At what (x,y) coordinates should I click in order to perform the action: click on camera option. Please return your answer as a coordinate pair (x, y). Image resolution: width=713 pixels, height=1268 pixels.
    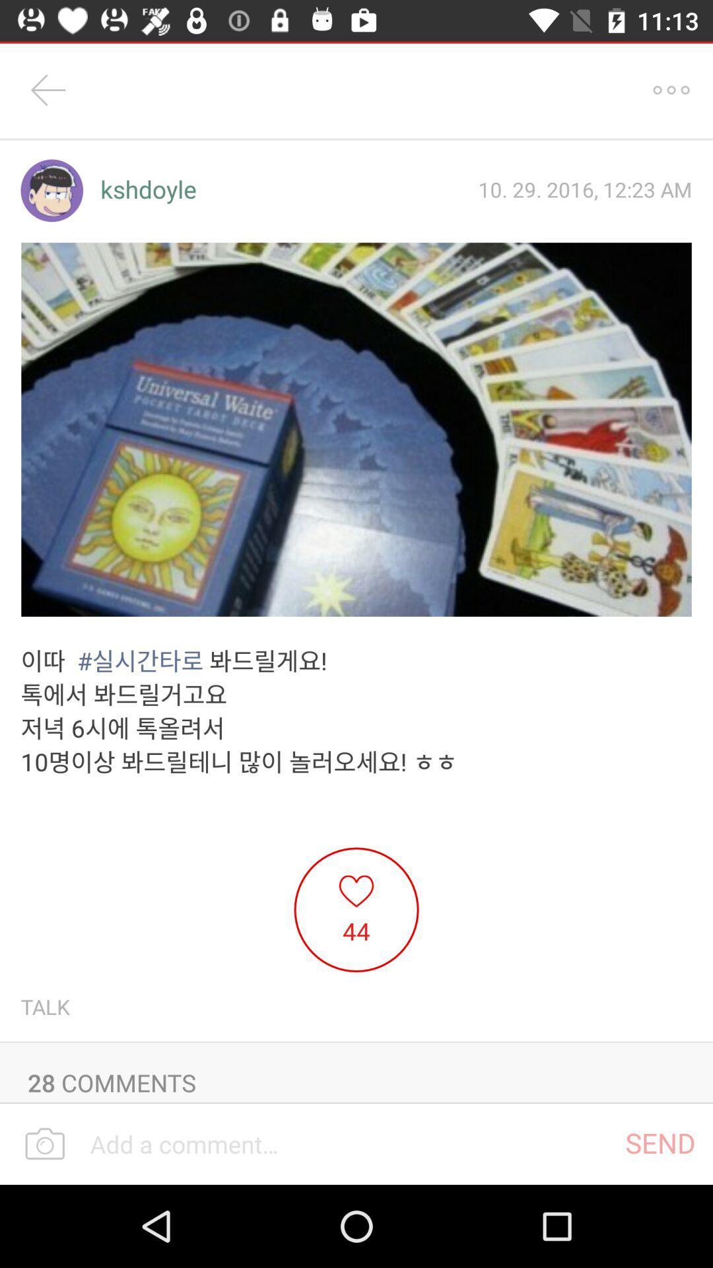
    Looking at the image, I should click on (44, 1144).